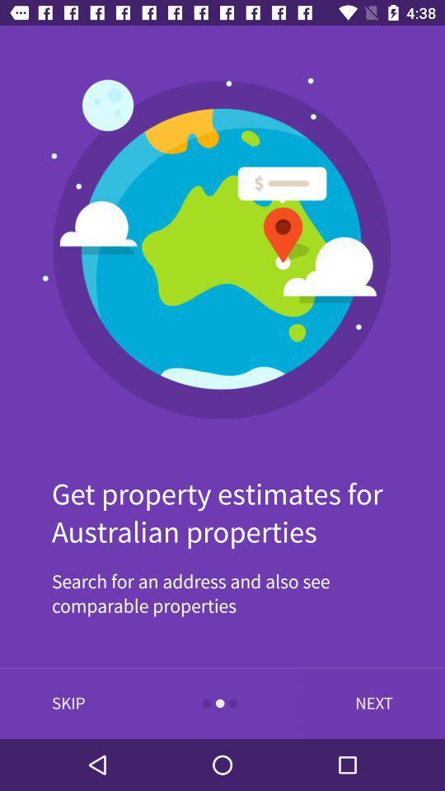 This screenshot has width=445, height=791. Describe the element at coordinates (370, 703) in the screenshot. I see `next icon` at that location.